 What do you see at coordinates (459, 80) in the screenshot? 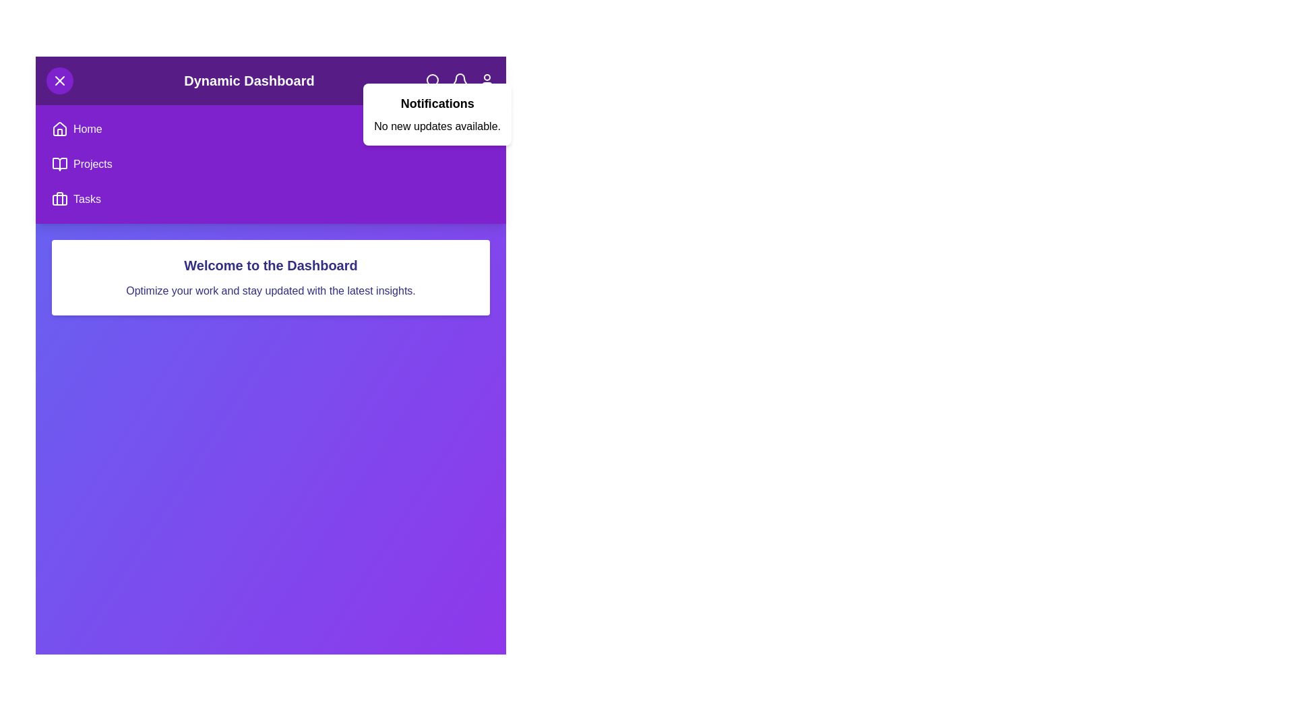
I see `the interactive icon bell` at bounding box center [459, 80].